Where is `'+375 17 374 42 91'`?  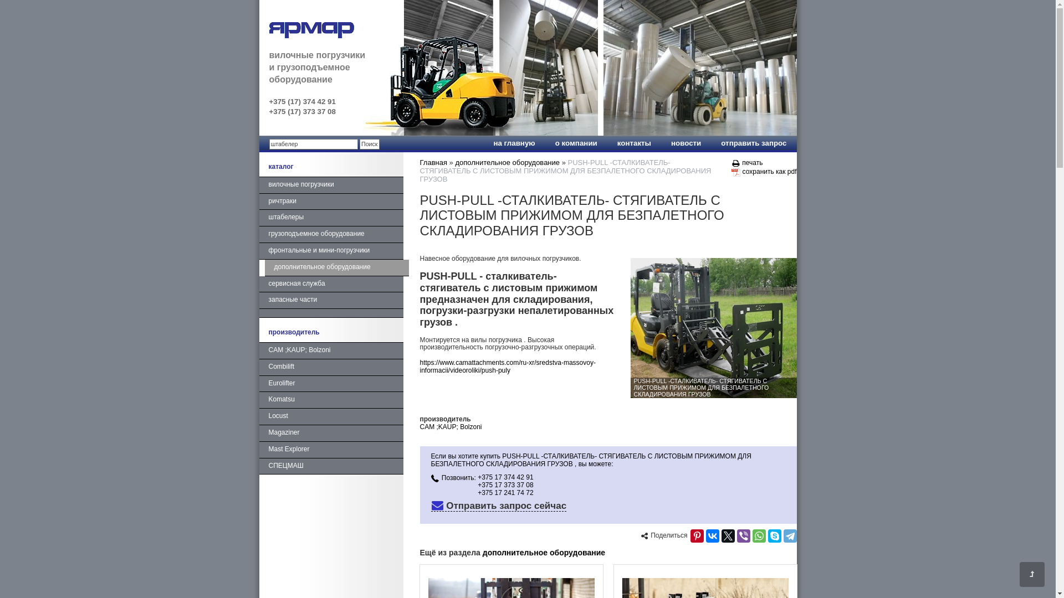 '+375 17 374 42 91' is located at coordinates (505, 476).